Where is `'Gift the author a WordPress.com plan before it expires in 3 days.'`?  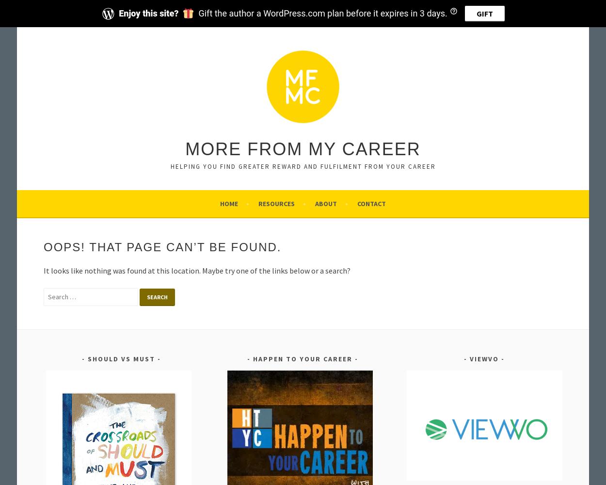
'Gift the author a WordPress.com plan before it expires in 3 days.' is located at coordinates (322, 13).